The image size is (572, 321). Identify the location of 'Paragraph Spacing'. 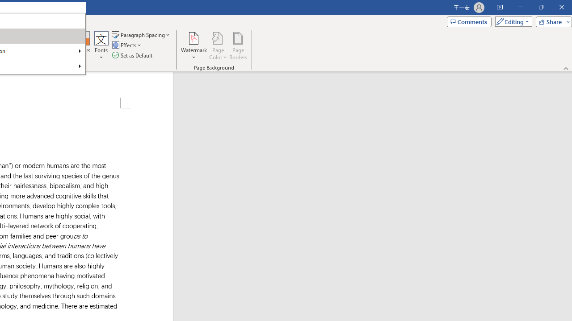
(141, 34).